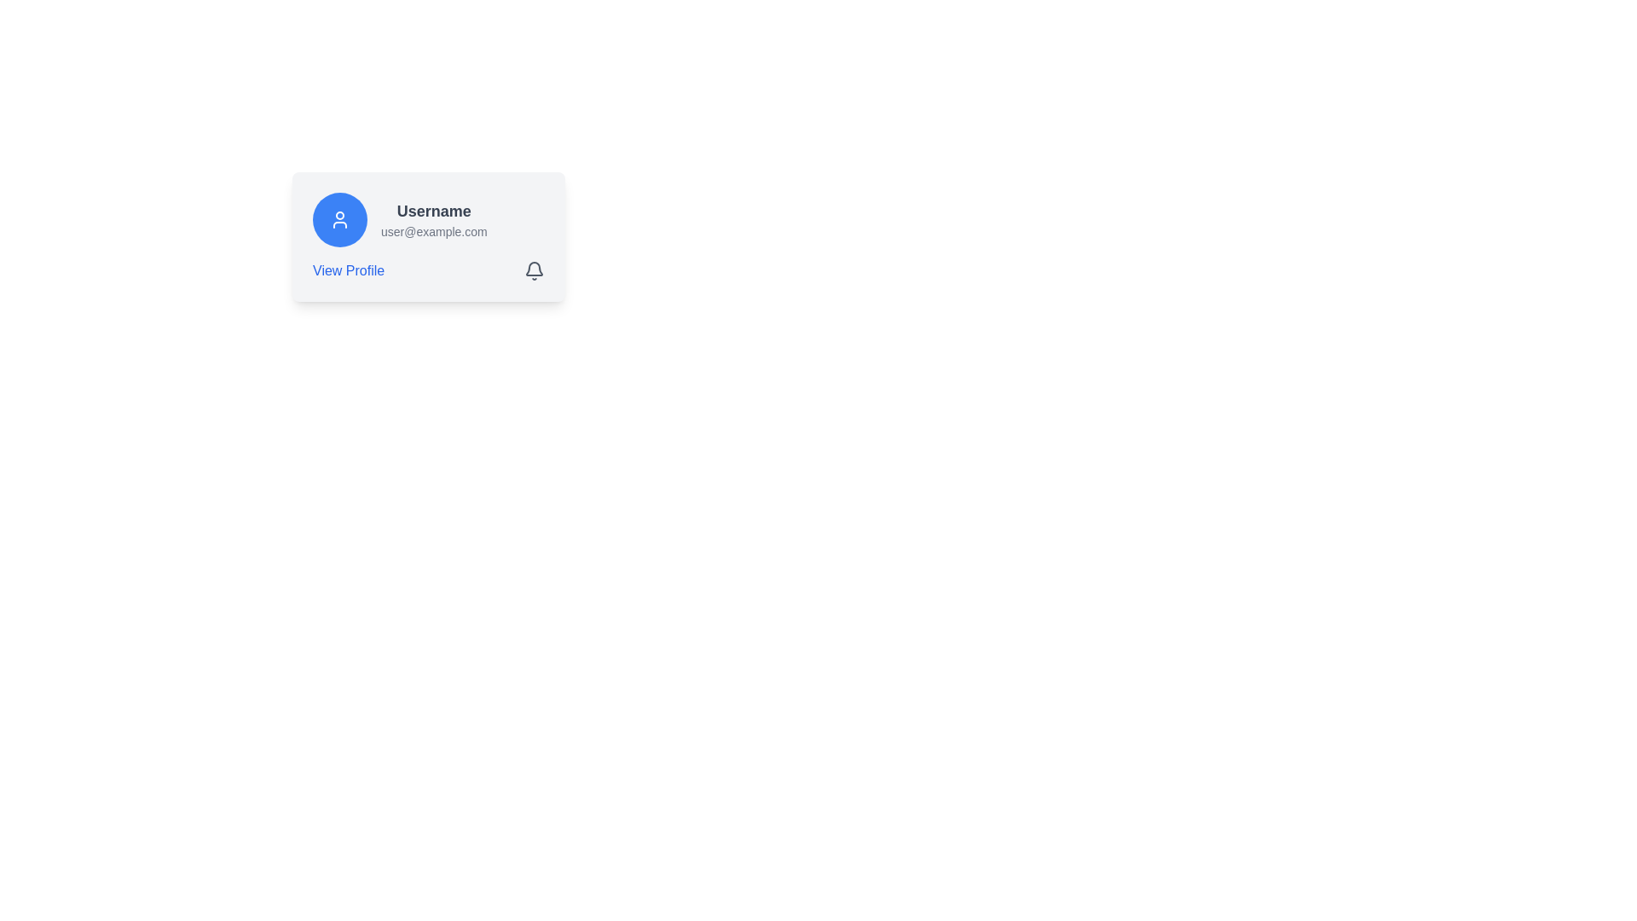 The width and height of the screenshot is (1637, 921). What do you see at coordinates (429, 219) in the screenshot?
I see `the profile summary component that displays the user's name and email address` at bounding box center [429, 219].